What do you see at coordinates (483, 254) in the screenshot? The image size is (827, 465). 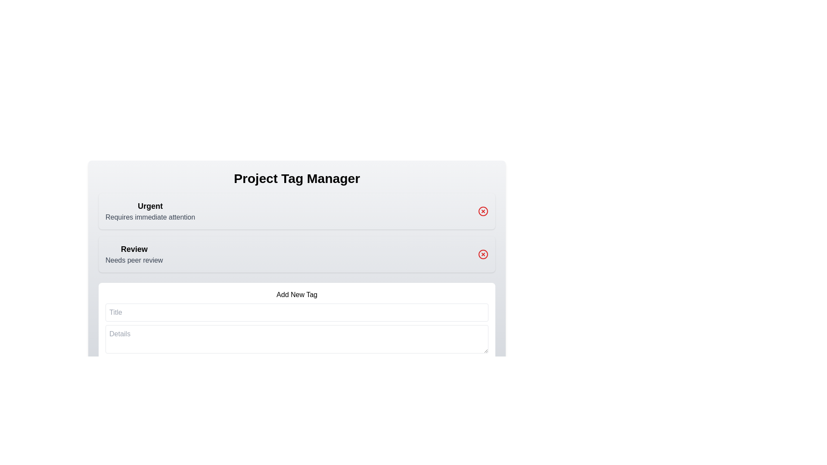 I see `the second close button located on the right side of the 'Review Needs peer review' section` at bounding box center [483, 254].